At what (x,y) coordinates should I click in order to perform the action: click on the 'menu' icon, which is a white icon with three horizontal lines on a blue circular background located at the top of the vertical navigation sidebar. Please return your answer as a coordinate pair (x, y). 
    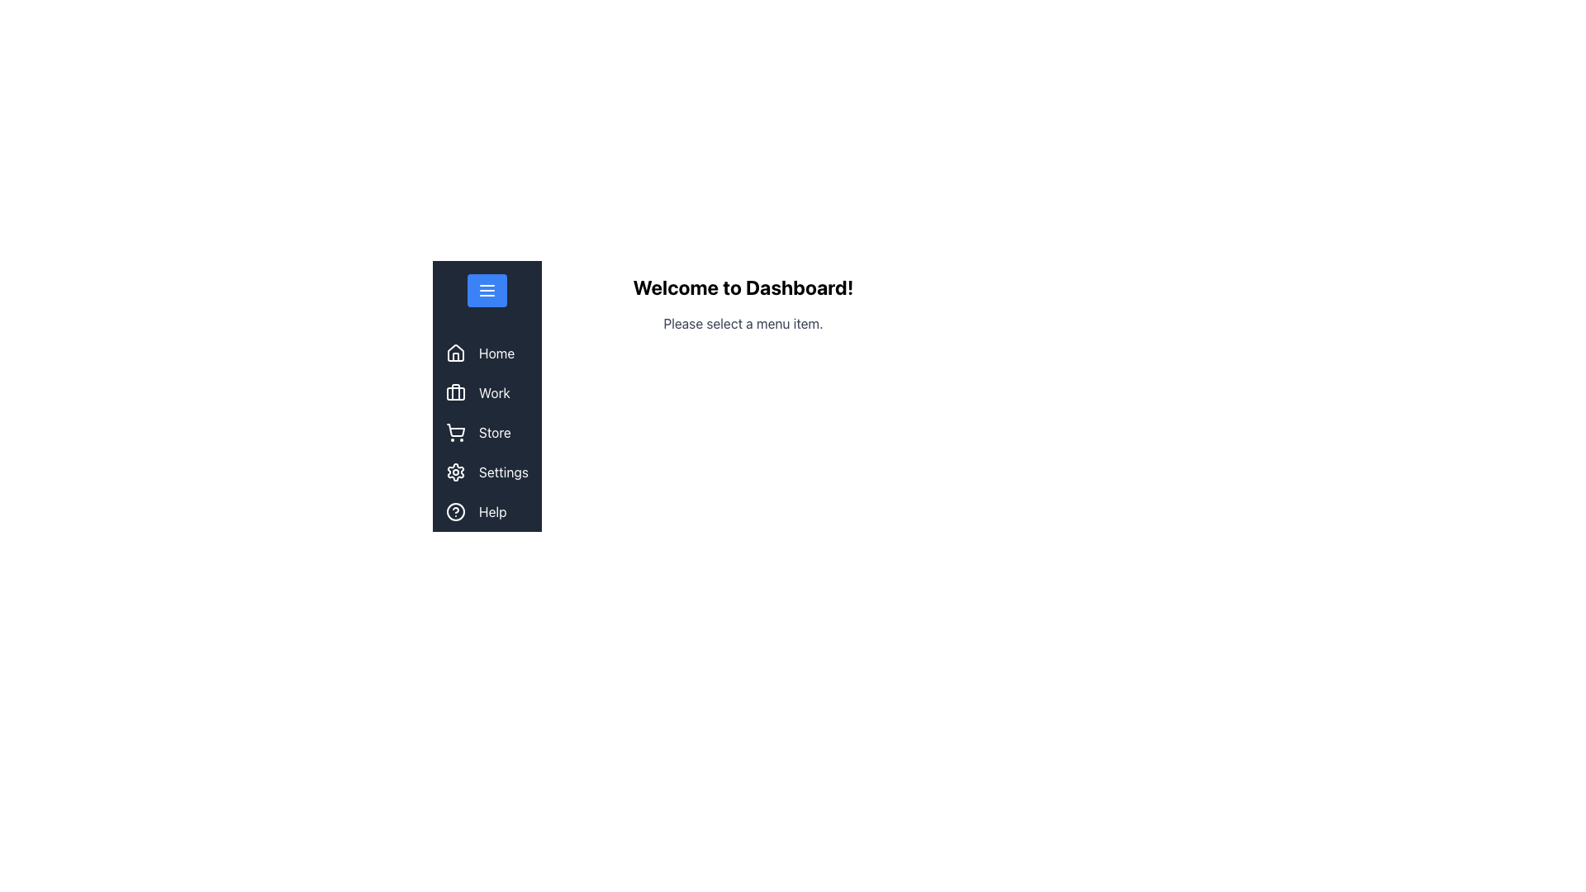
    Looking at the image, I should click on (487, 289).